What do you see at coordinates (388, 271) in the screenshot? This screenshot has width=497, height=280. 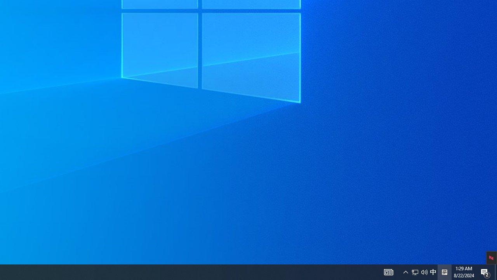 I see `'AutomationID: 4105'` at bounding box center [388, 271].